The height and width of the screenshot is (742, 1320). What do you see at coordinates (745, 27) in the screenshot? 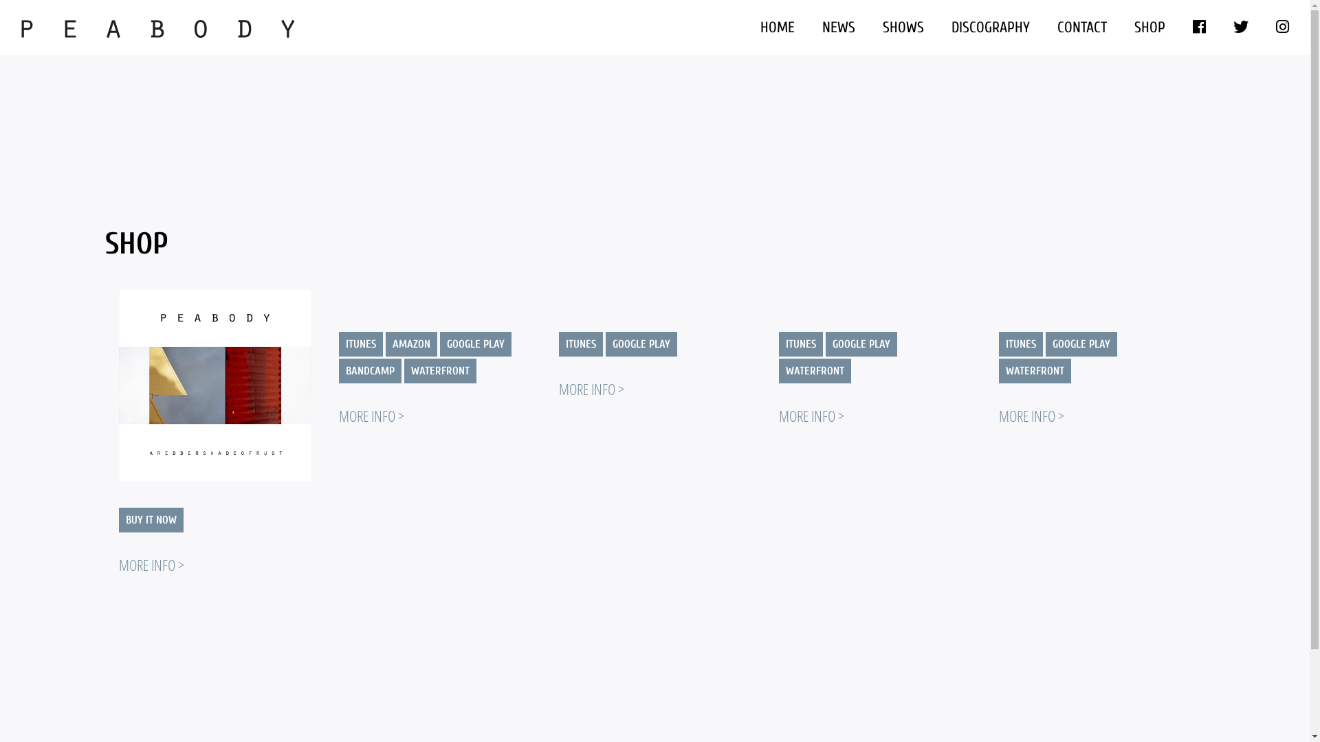
I see `'HOME'` at bounding box center [745, 27].